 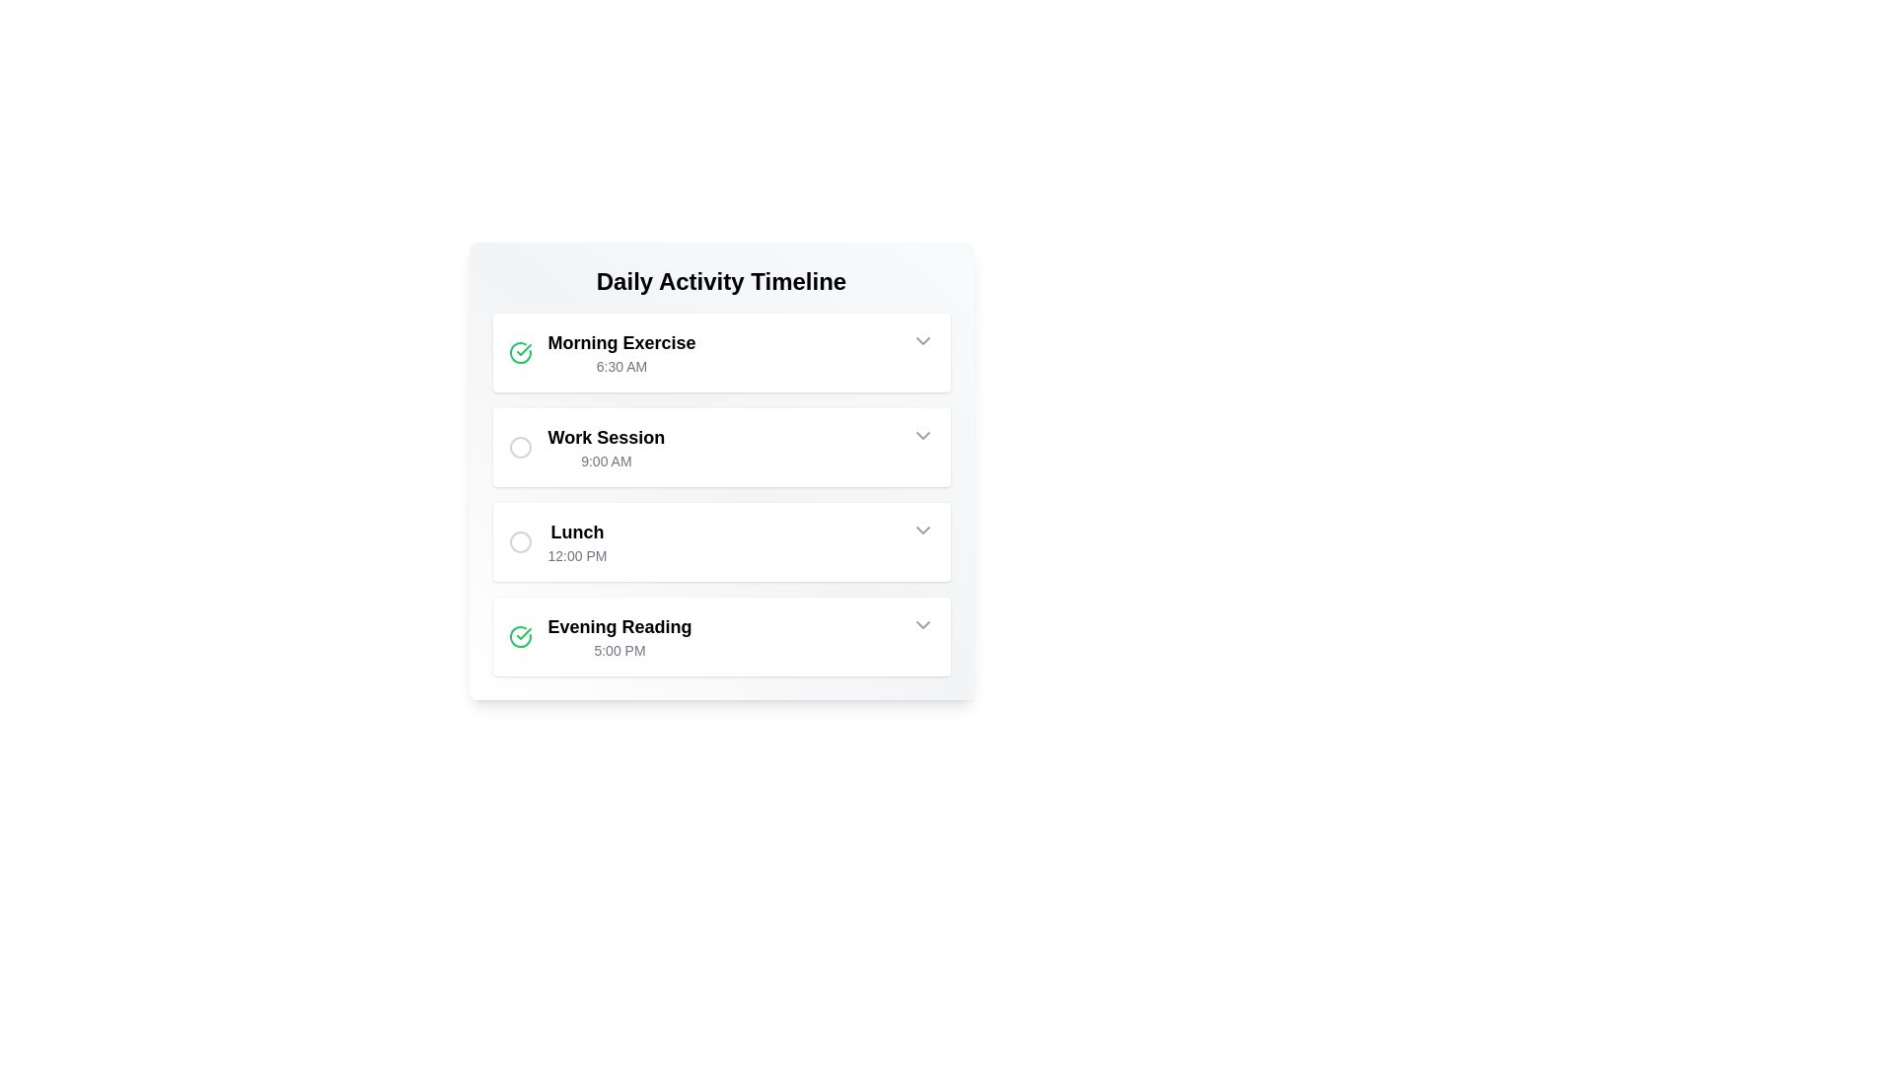 What do you see at coordinates (520, 636) in the screenshot?
I see `the completion icon within the fourth list item titled 'Evening Reading' on the 'Daily Activity Timeline'` at bounding box center [520, 636].